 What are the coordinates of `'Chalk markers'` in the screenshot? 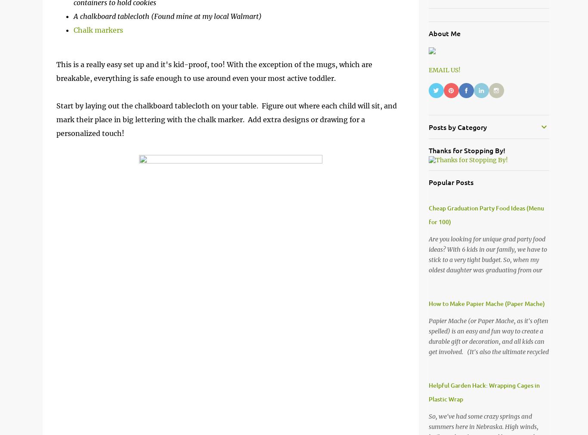 It's located at (73, 29).